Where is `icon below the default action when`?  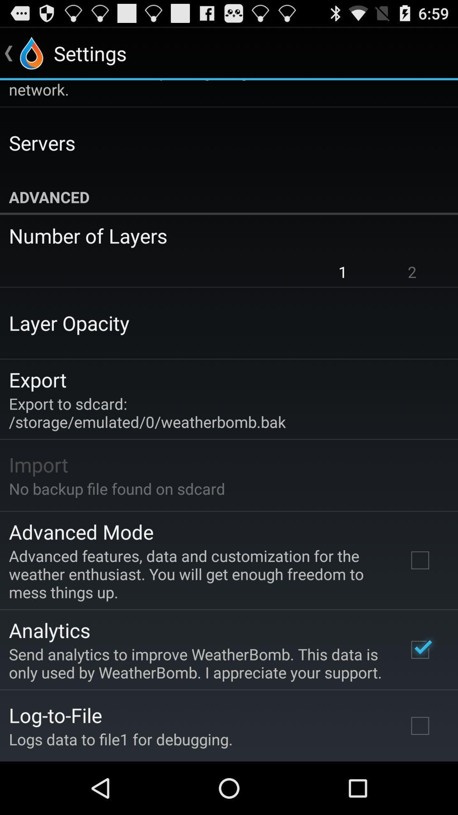 icon below the default action when is located at coordinates (42, 143).